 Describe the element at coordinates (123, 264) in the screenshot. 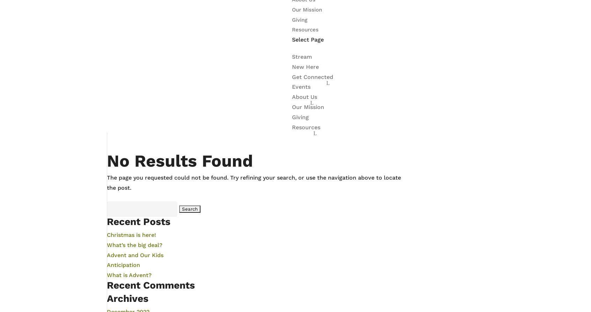

I see `'Anticipation'` at that location.